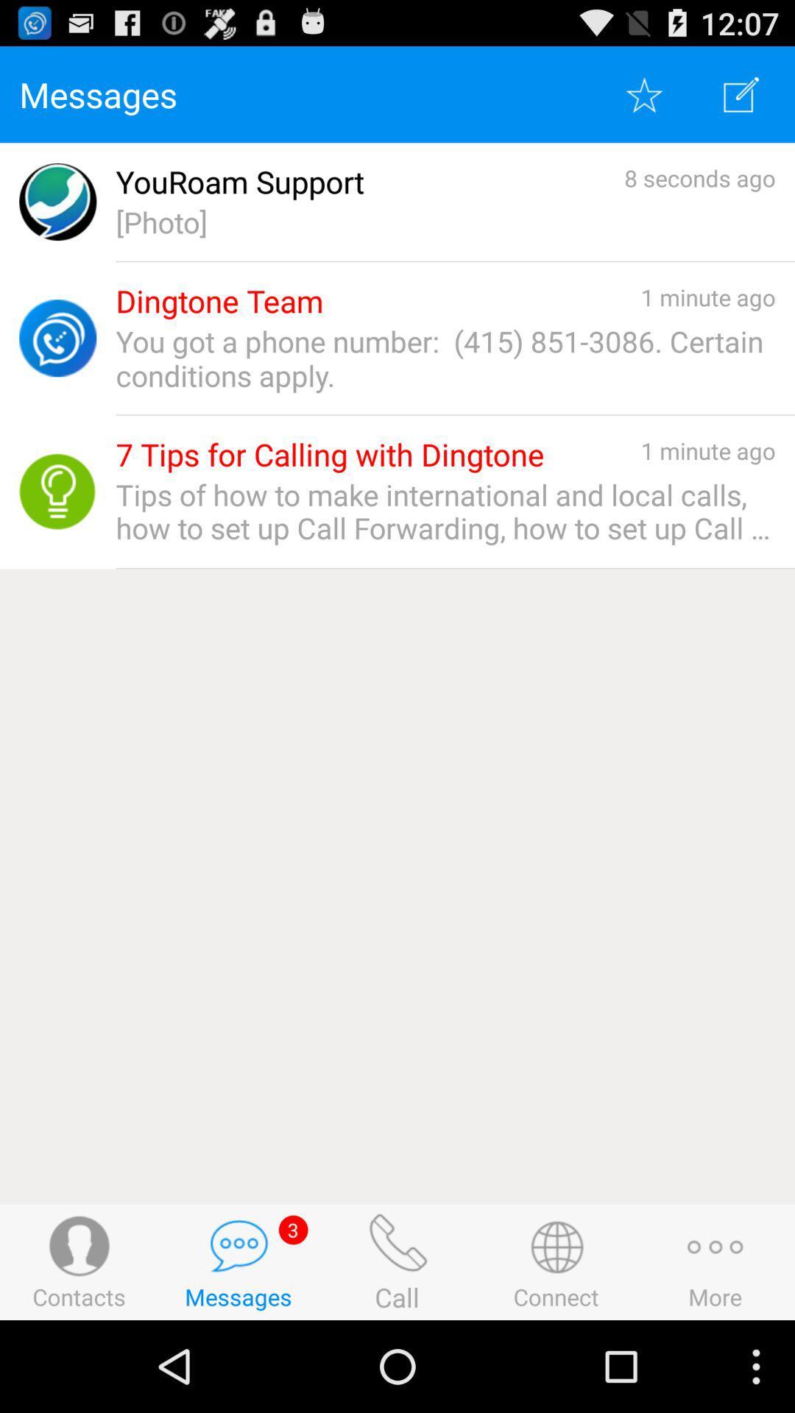 Image resolution: width=795 pixels, height=1413 pixels. Describe the element at coordinates (239, 181) in the screenshot. I see `youroam support app` at that location.